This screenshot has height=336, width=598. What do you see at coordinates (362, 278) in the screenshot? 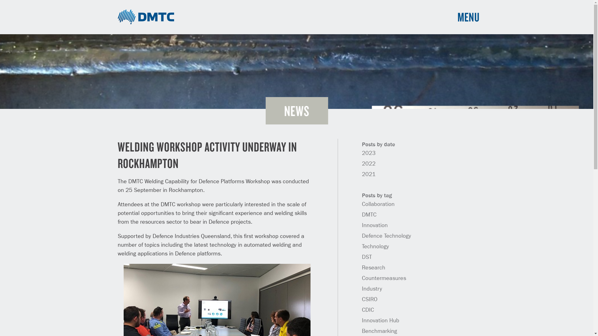
I see `'Countermeasures'` at bounding box center [362, 278].